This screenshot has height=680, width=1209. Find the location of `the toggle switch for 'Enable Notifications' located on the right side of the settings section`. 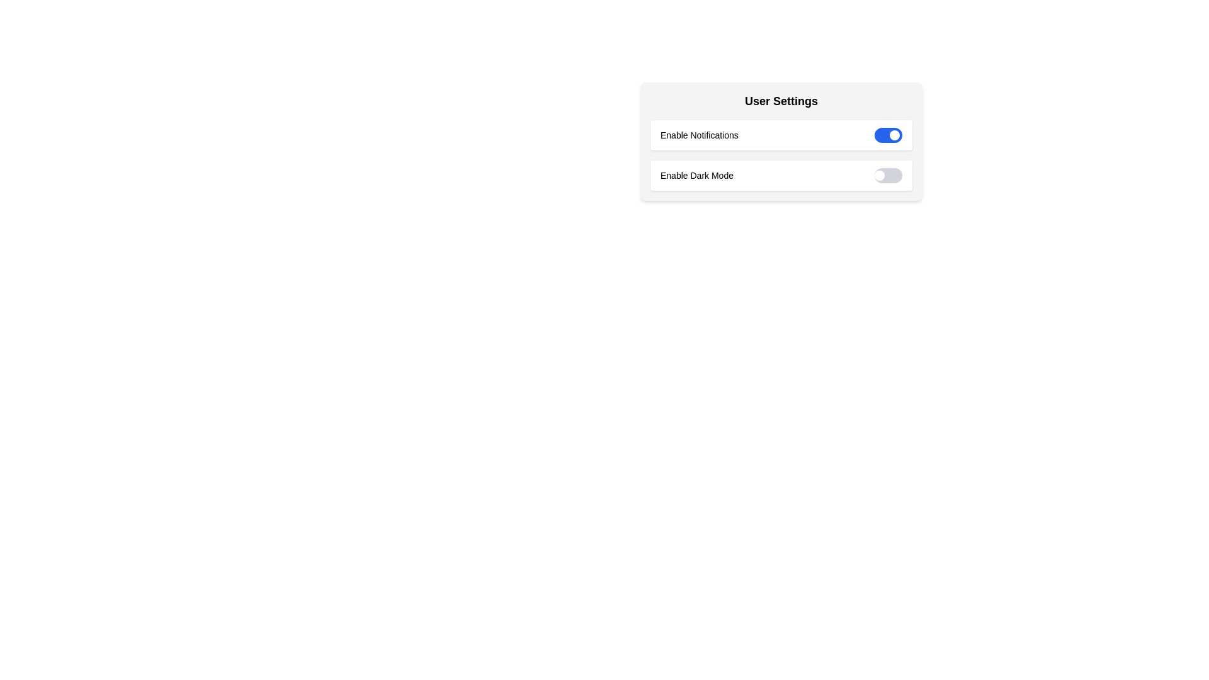

the toggle switch for 'Enable Notifications' located on the right side of the settings section is located at coordinates (888, 135).